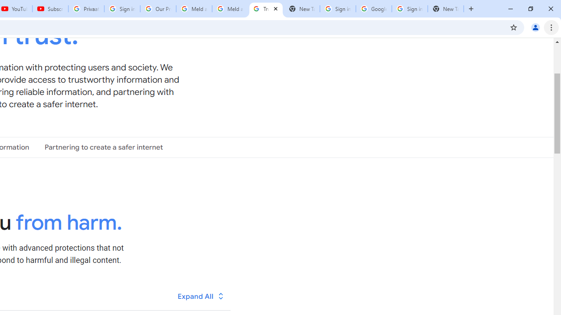 The image size is (561, 315). Describe the element at coordinates (373, 9) in the screenshot. I see `'Google Cybersecurity Innovations - Google Safety Center'` at that location.